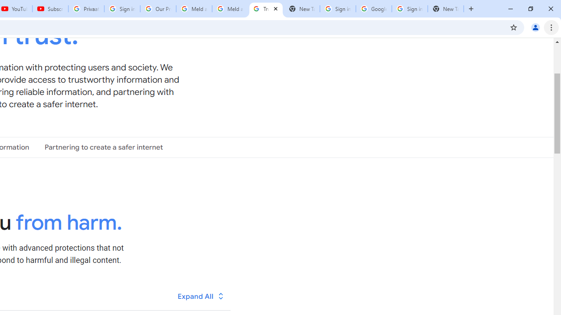 The image size is (561, 315). Describe the element at coordinates (373, 9) in the screenshot. I see `'Google Cybersecurity Innovations - Google Safety Center'` at that location.